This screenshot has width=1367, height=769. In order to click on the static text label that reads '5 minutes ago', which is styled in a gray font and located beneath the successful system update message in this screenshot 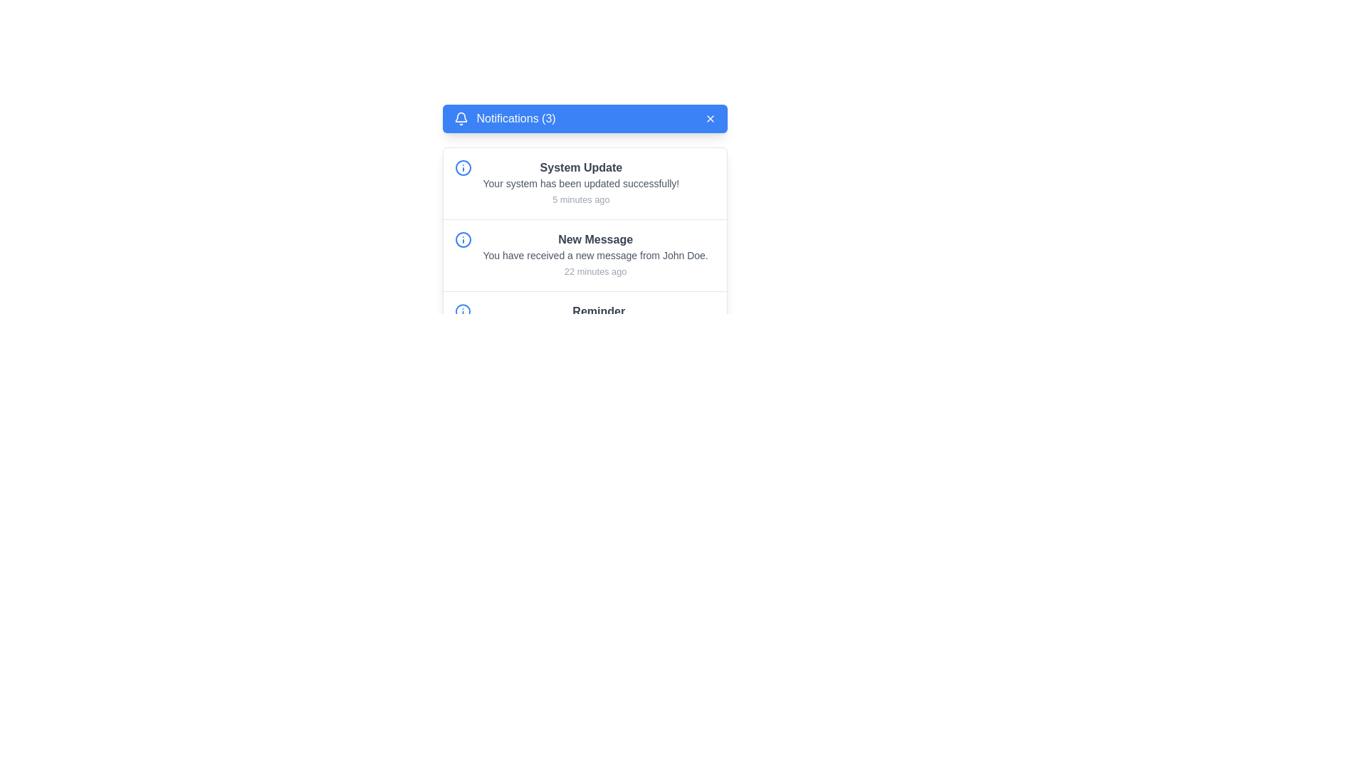, I will do `click(581, 199)`.